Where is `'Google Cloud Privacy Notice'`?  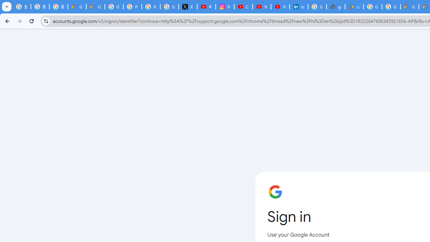 'Google Cloud Privacy Notice' is located at coordinates (77, 7).